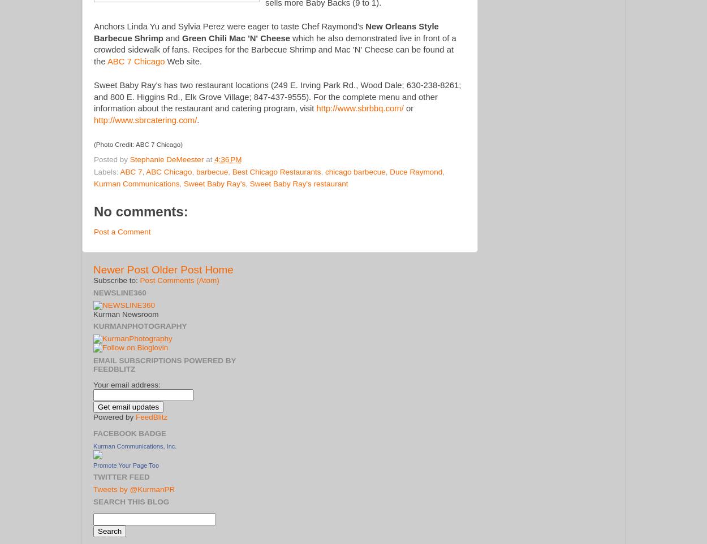  I want to click on 'ABC Chicago', so click(169, 171).